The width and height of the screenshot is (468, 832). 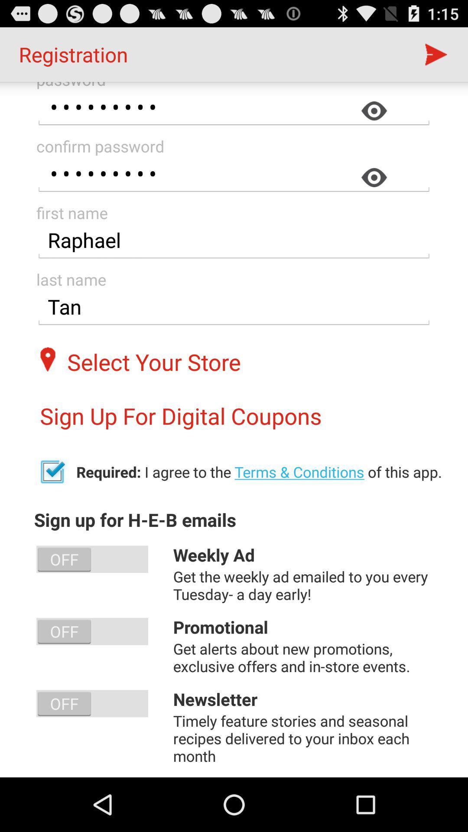 I want to click on the visibility icon, so click(x=377, y=191).